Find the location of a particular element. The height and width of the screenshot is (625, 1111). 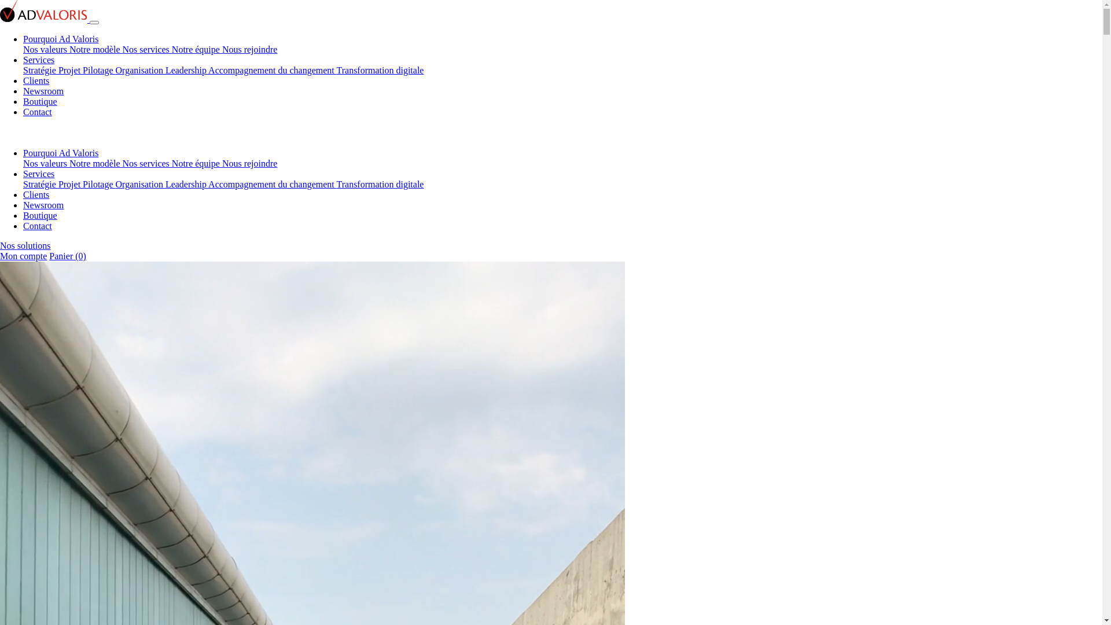

'Pilotage' is located at coordinates (99, 70).